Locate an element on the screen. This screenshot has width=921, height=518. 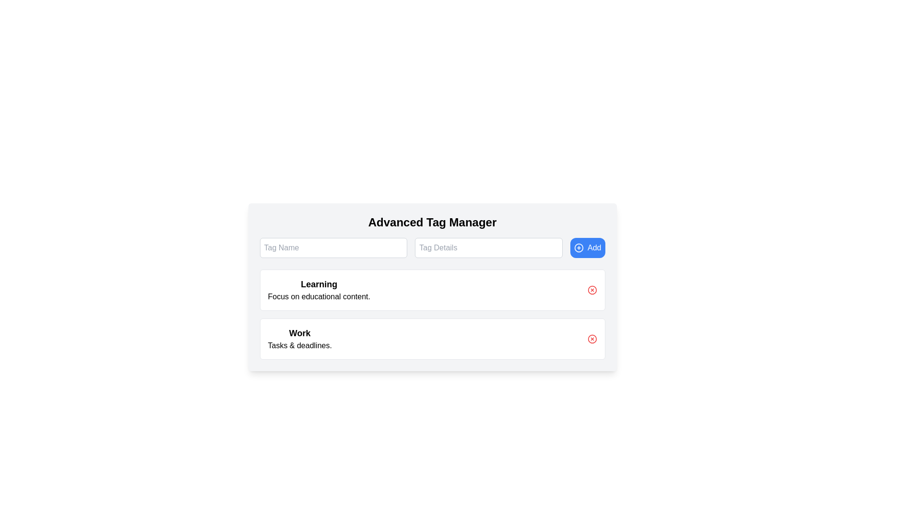
the 'Add' button icon indicating the addition of a new item, located at the top-right side of the interface, next to the 'Tag Name' and 'Tag Details' text fields is located at coordinates (579, 247).